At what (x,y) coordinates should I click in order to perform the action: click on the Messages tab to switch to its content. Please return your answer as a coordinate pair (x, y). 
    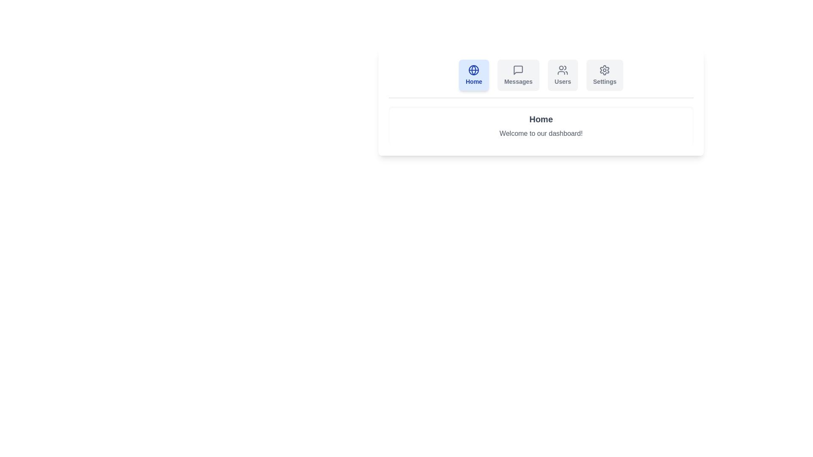
    Looking at the image, I should click on (518, 74).